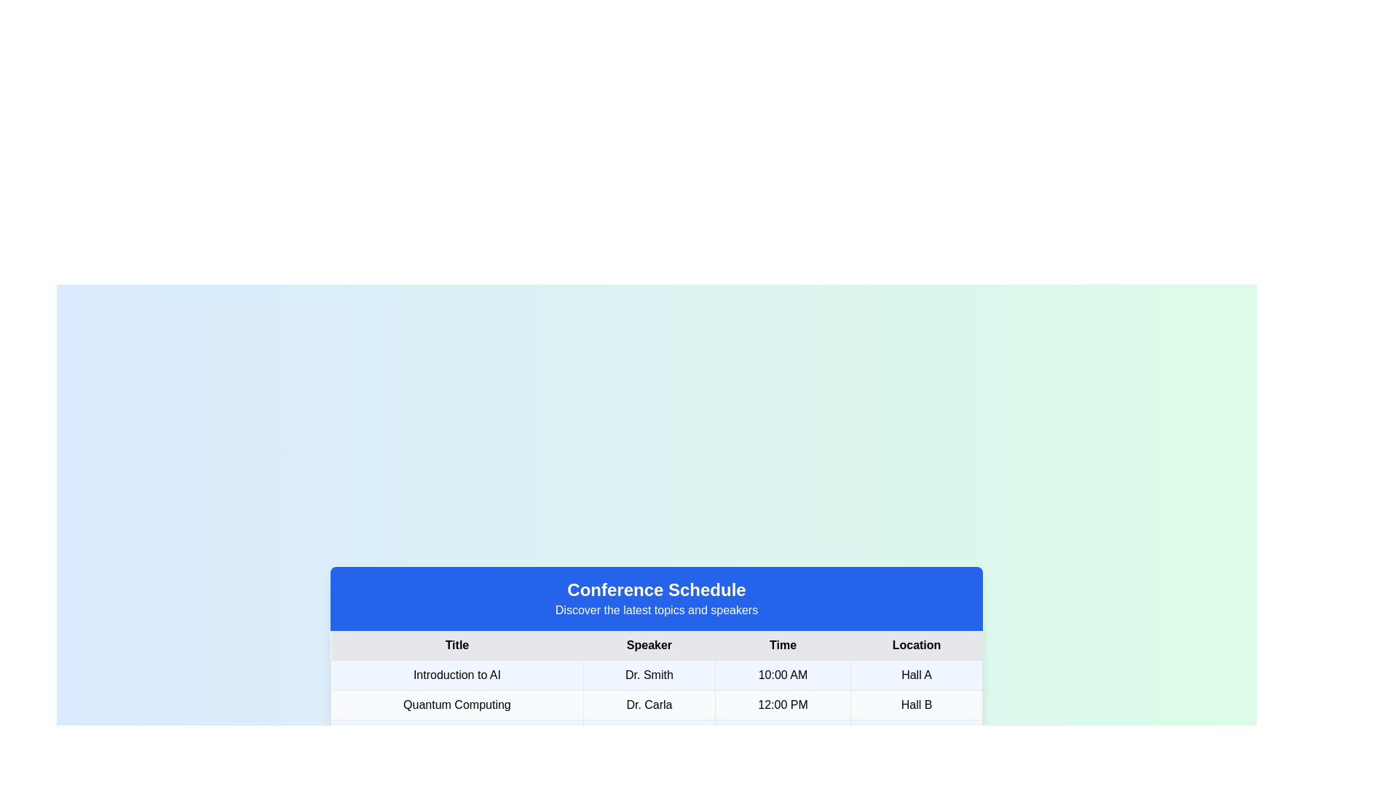 This screenshot has height=786, width=1398. What do you see at coordinates (656, 675) in the screenshot?
I see `to select the first row in the conference schedule table, which contains details about a conference session including the topic, speaker, timing, and venue` at bounding box center [656, 675].